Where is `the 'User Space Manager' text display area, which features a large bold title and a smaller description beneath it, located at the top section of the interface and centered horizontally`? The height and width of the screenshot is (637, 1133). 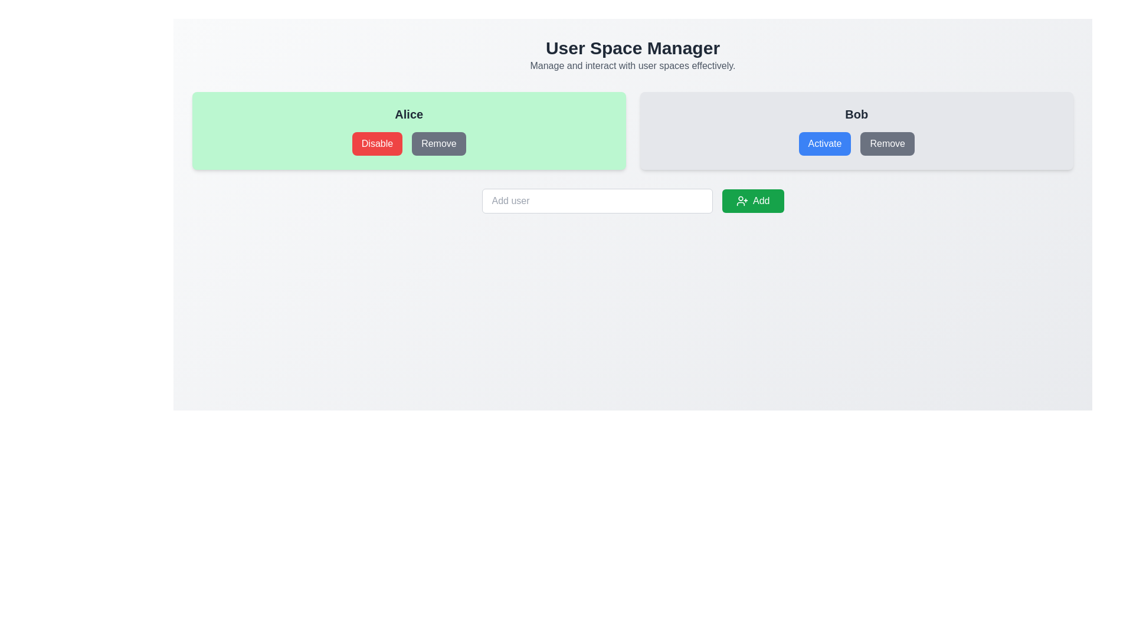 the 'User Space Manager' text display area, which features a large bold title and a smaller description beneath it, located at the top section of the interface and centered horizontally is located at coordinates (632, 55).